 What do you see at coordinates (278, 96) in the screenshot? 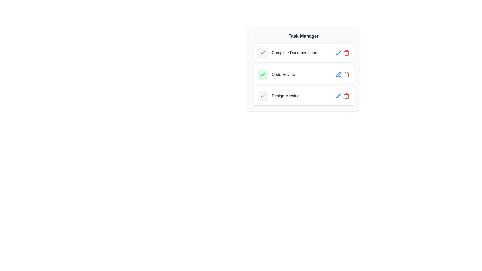
I see `the 'Design Meeting' list item, which includes a checkbox and is the third item under the 'Task Manager' section` at bounding box center [278, 96].